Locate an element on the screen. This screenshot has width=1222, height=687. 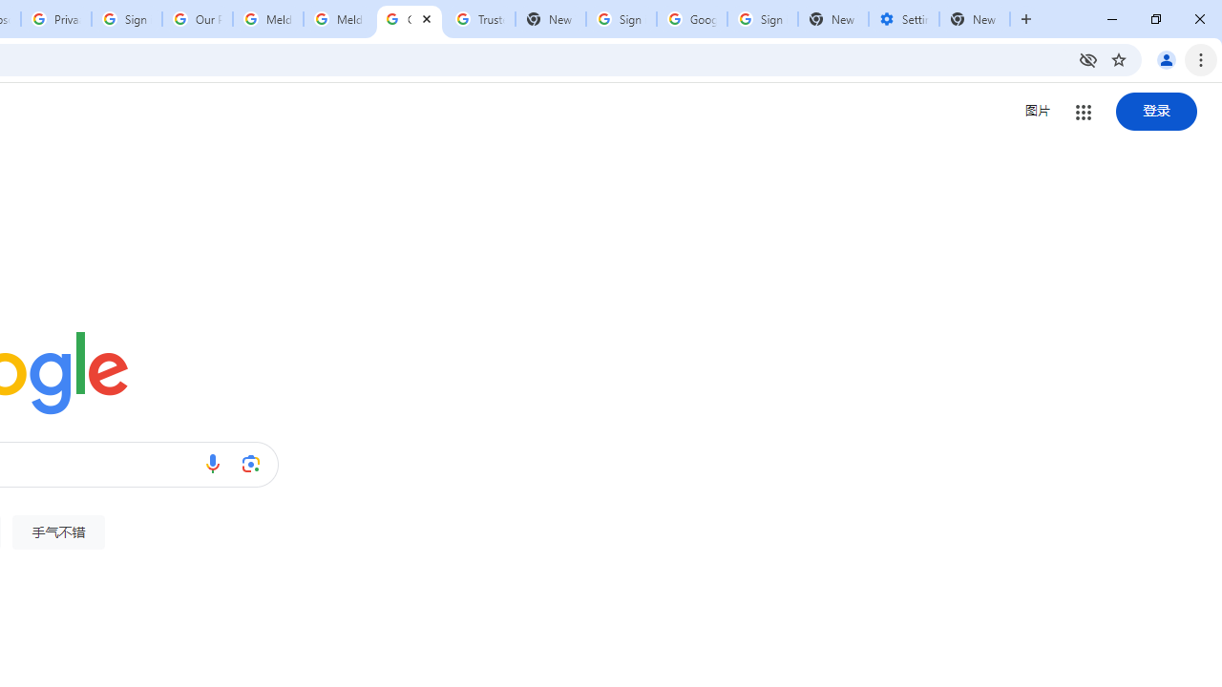
'Sign in - Google Accounts' is located at coordinates (126, 19).